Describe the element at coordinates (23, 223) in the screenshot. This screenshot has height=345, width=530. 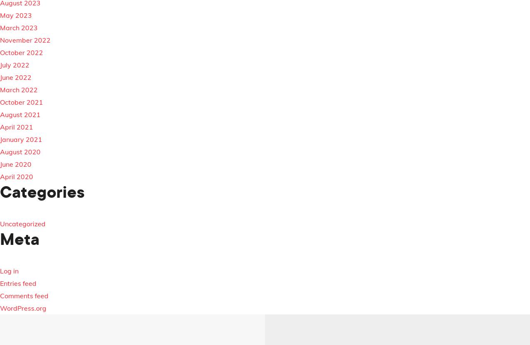
I see `'Uncategorized'` at that location.